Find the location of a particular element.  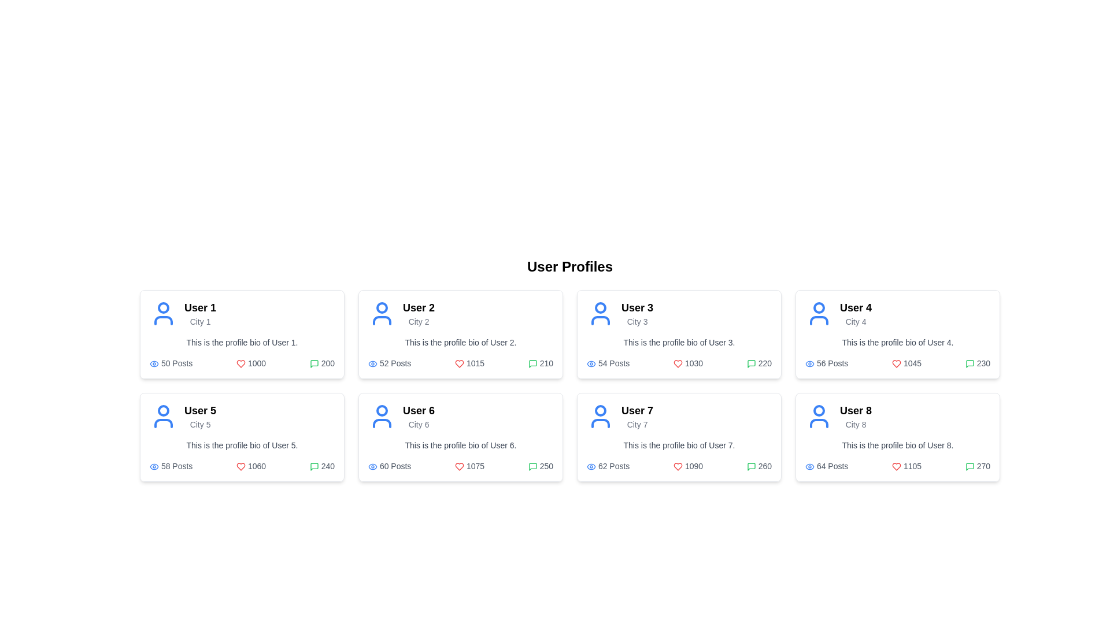

the title and subtitle text component displaying the user's name and city in the fourth user card, located above the user bio section is located at coordinates (856, 314).